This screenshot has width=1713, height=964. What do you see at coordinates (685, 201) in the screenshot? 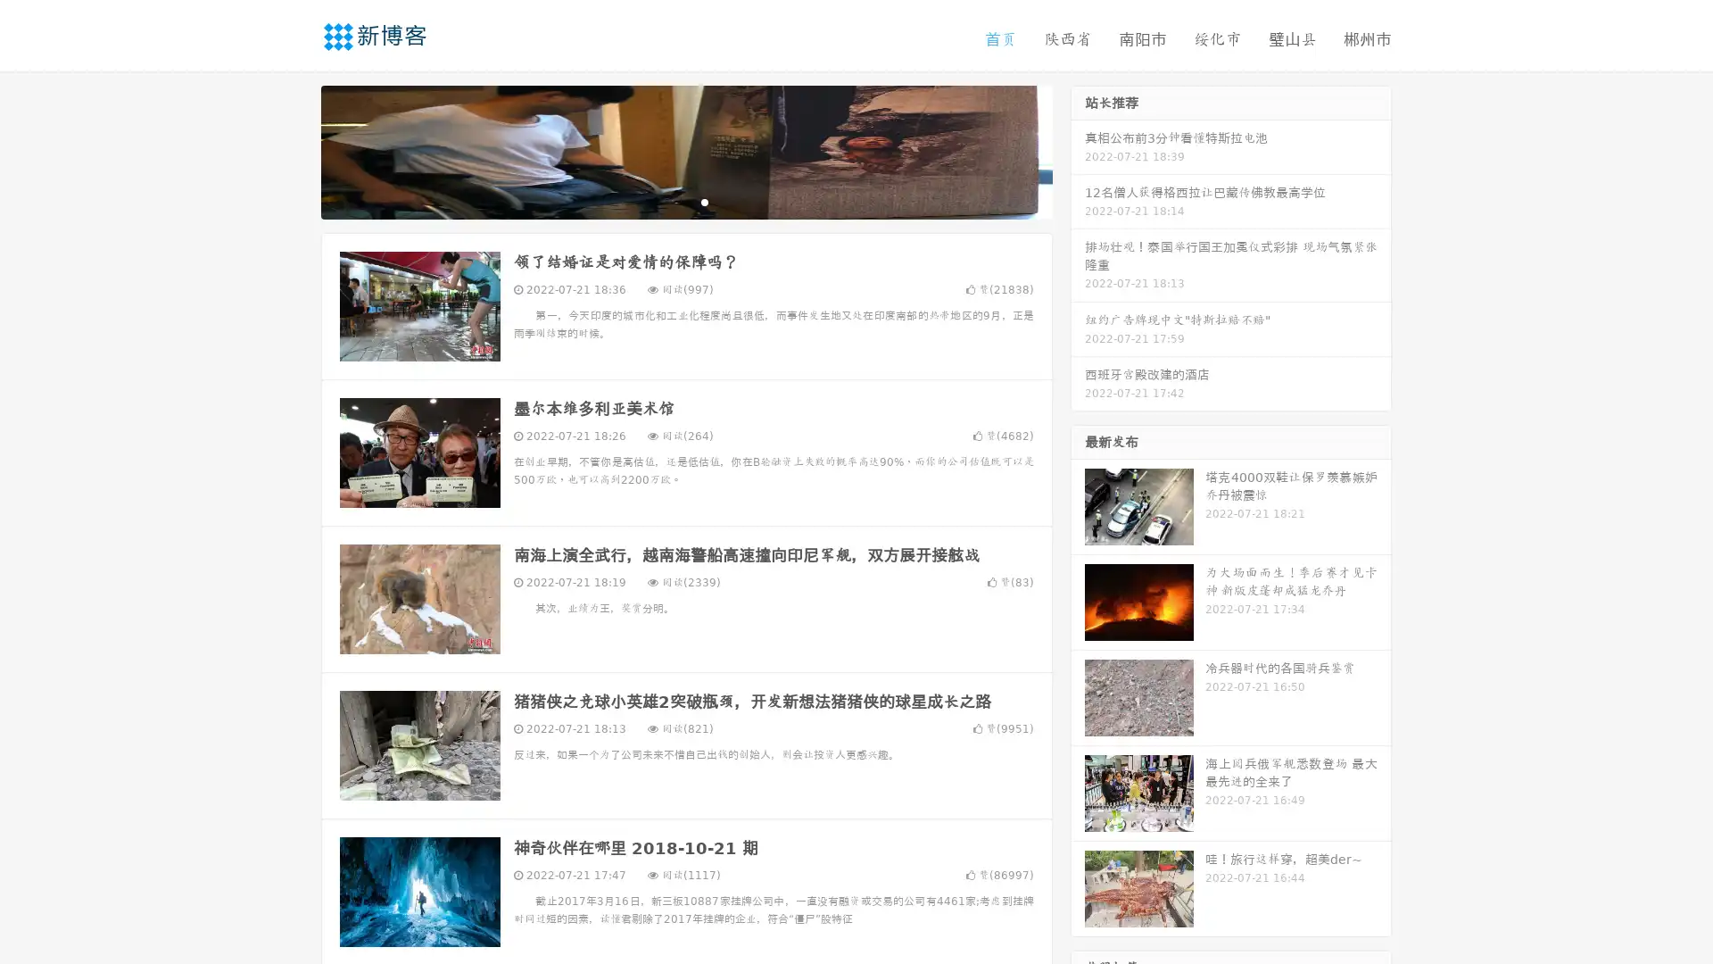
I see `Go to slide 2` at bounding box center [685, 201].